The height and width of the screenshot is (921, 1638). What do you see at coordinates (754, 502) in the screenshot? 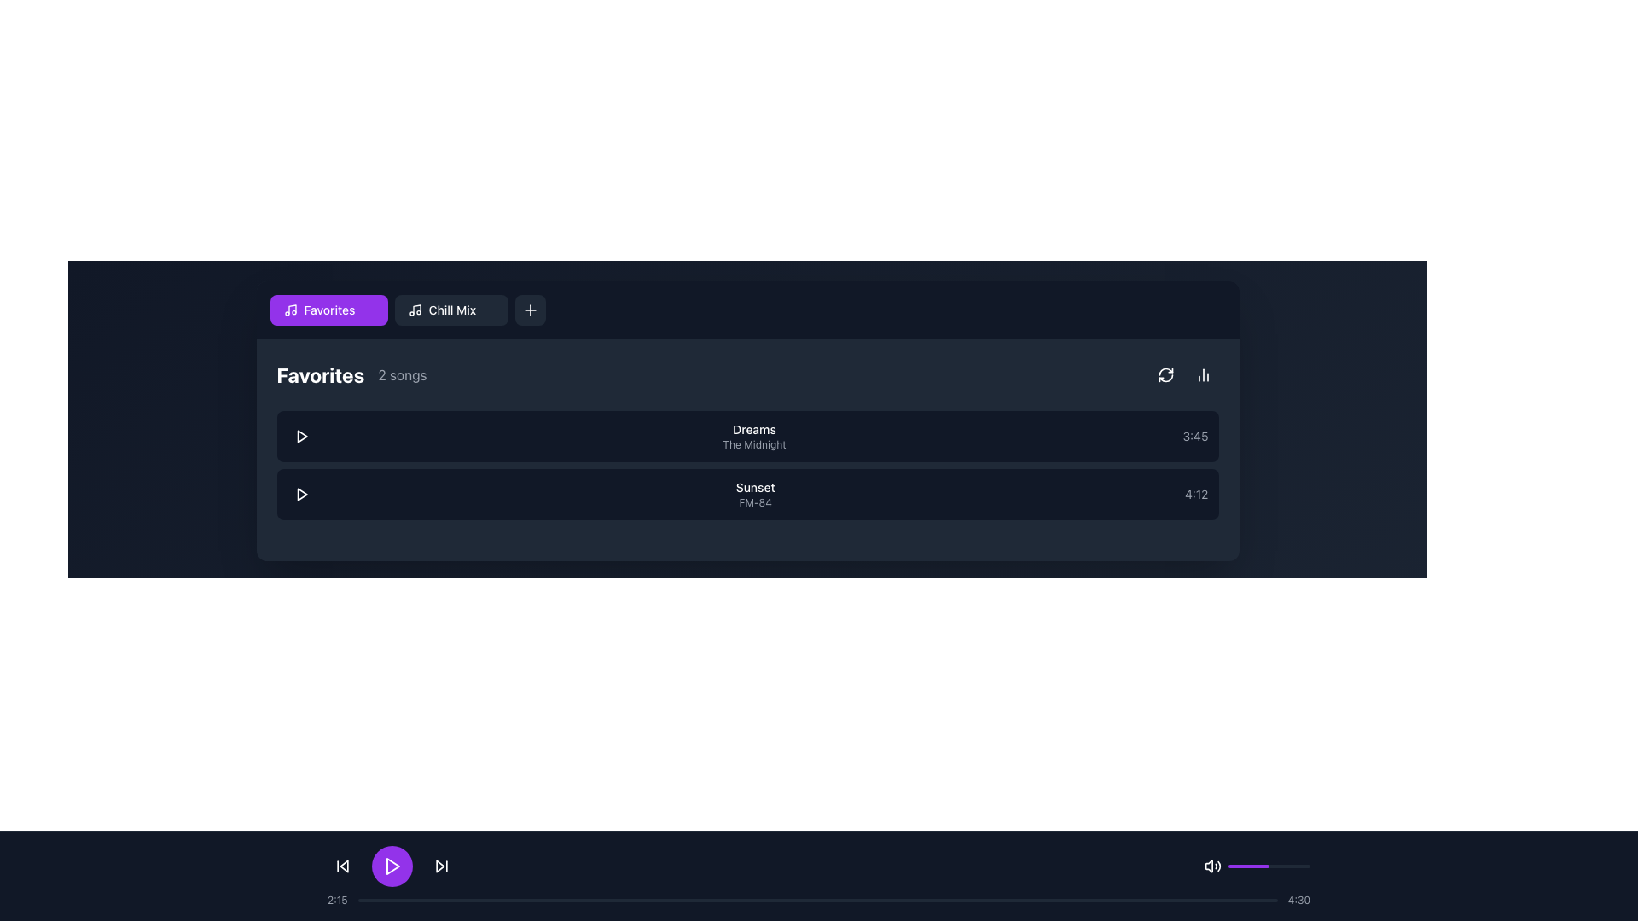
I see `the text label displaying 'FM-84', which is a small light gray text positioned directly beneath the larger 'Sunset' label in a vertical list` at bounding box center [754, 502].